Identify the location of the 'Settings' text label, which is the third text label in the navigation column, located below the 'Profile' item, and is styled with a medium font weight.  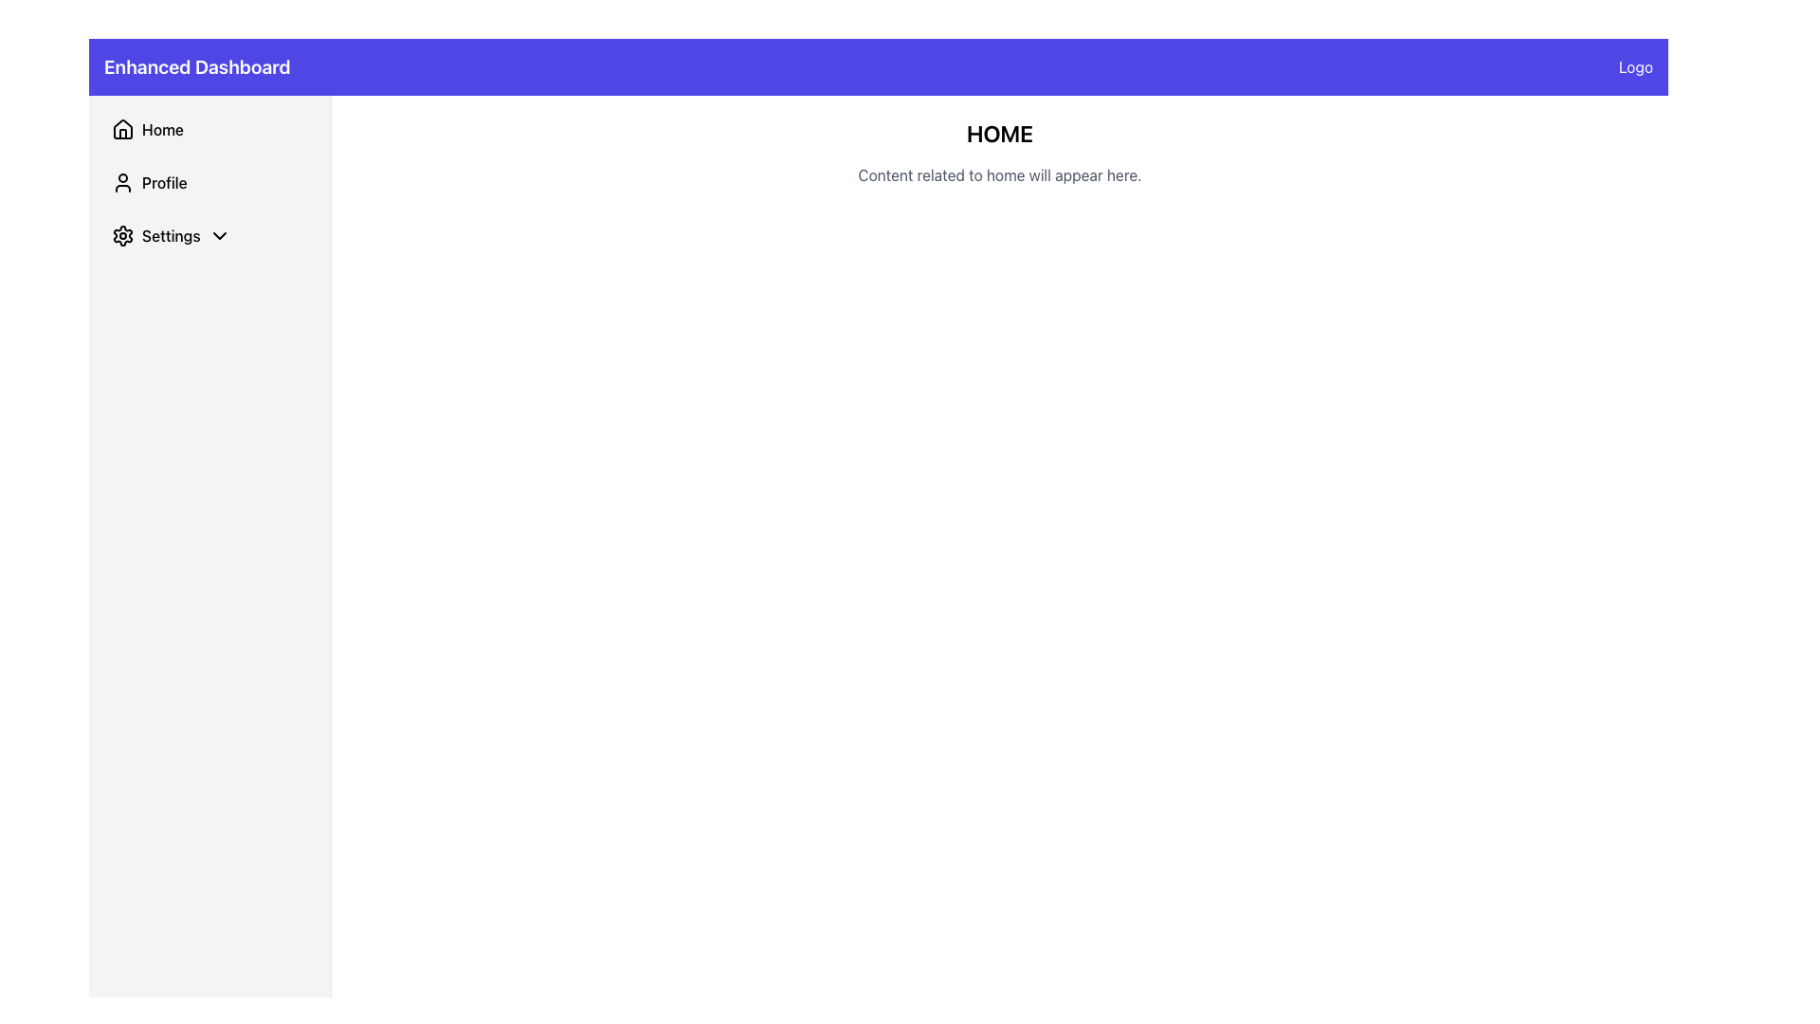
(171, 235).